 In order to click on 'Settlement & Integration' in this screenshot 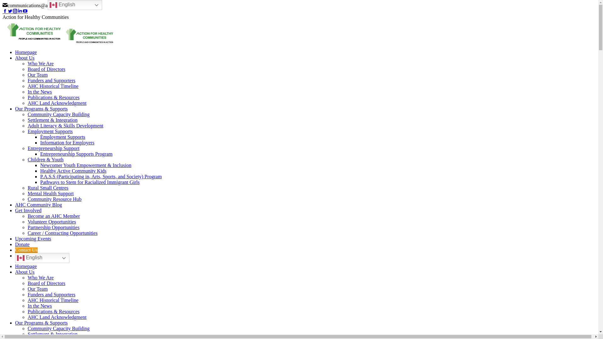, I will do `click(52, 334)`.